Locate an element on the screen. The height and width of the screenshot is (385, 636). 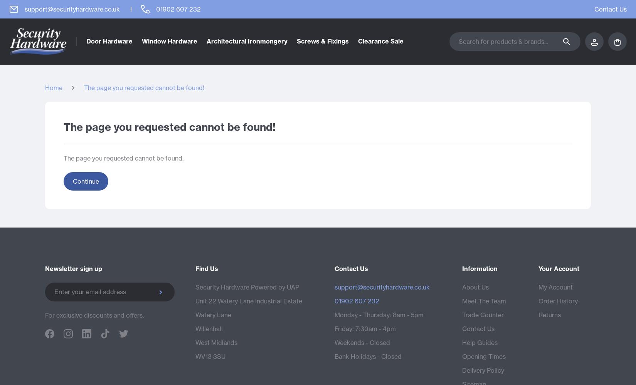
'The page you requested cannot be found.' is located at coordinates (123, 158).